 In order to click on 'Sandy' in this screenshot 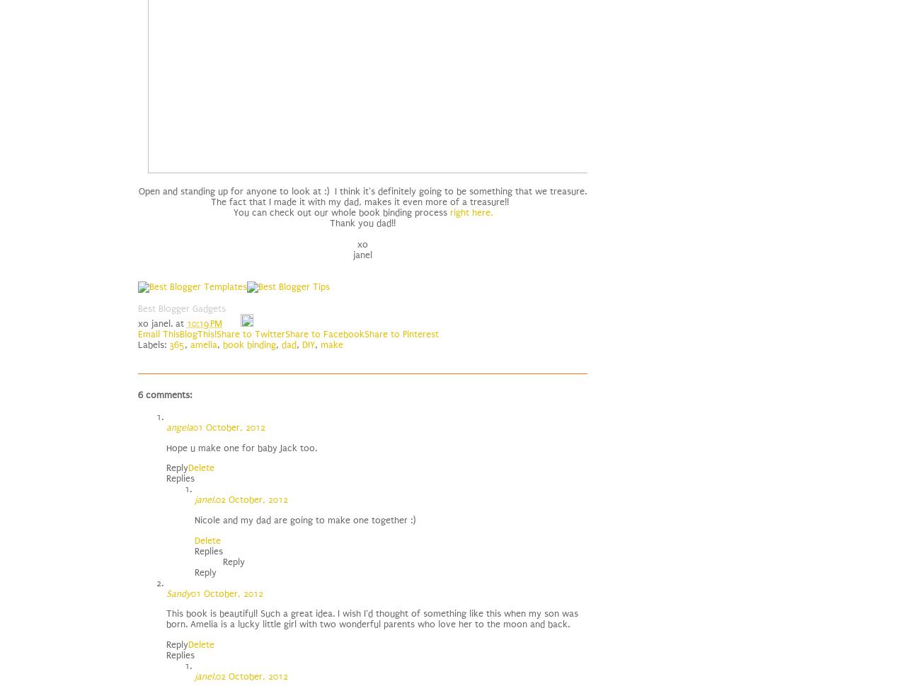, I will do `click(178, 592)`.